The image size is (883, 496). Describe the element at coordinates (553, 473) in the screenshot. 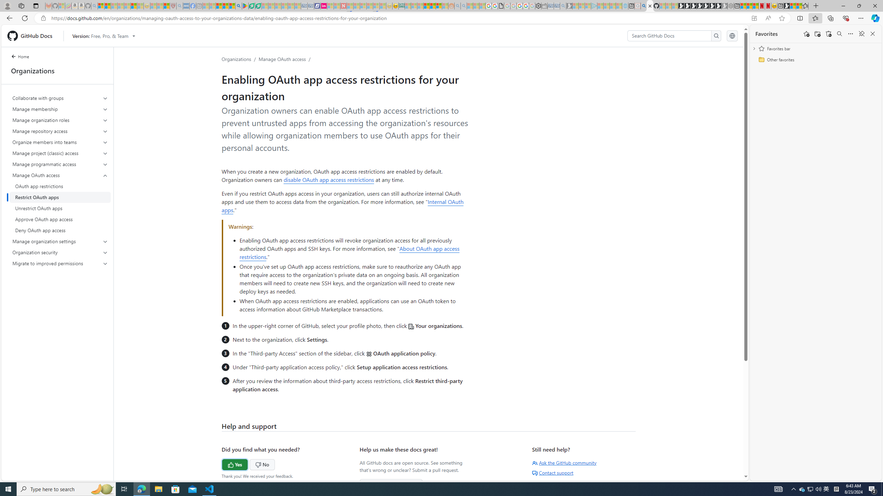

I see `'Contact support'` at that location.